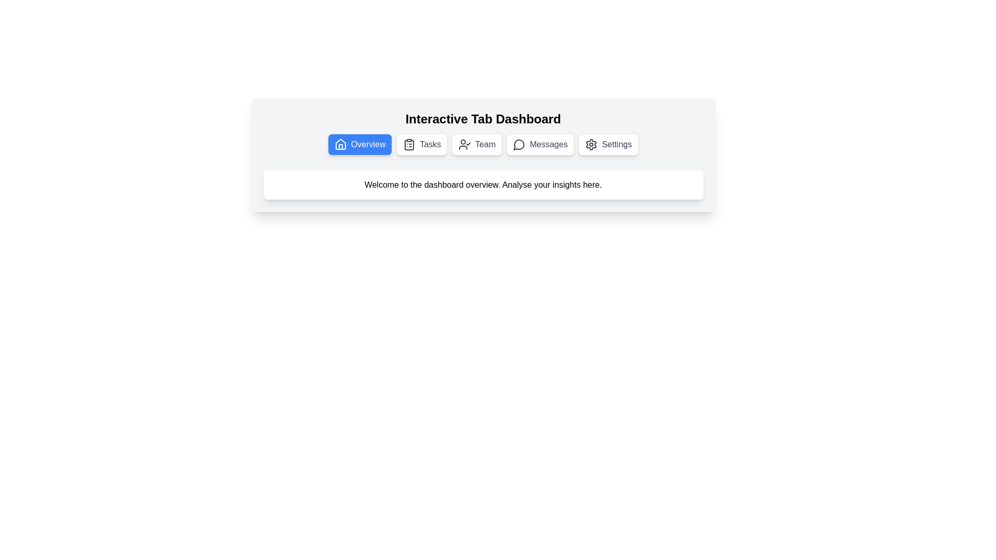  I want to click on the 'Settings' icon located at the top-right corner of the dashboard header area to check options, so click(591, 144).